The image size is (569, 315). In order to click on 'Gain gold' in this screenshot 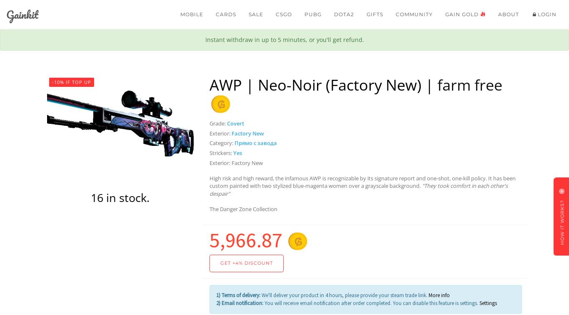, I will do `click(462, 14)`.